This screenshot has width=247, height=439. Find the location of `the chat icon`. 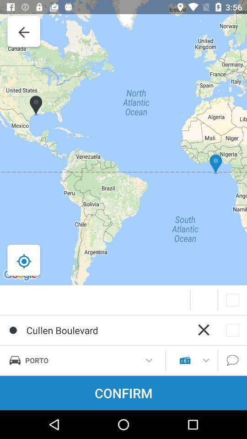

the chat icon is located at coordinates (232, 360).